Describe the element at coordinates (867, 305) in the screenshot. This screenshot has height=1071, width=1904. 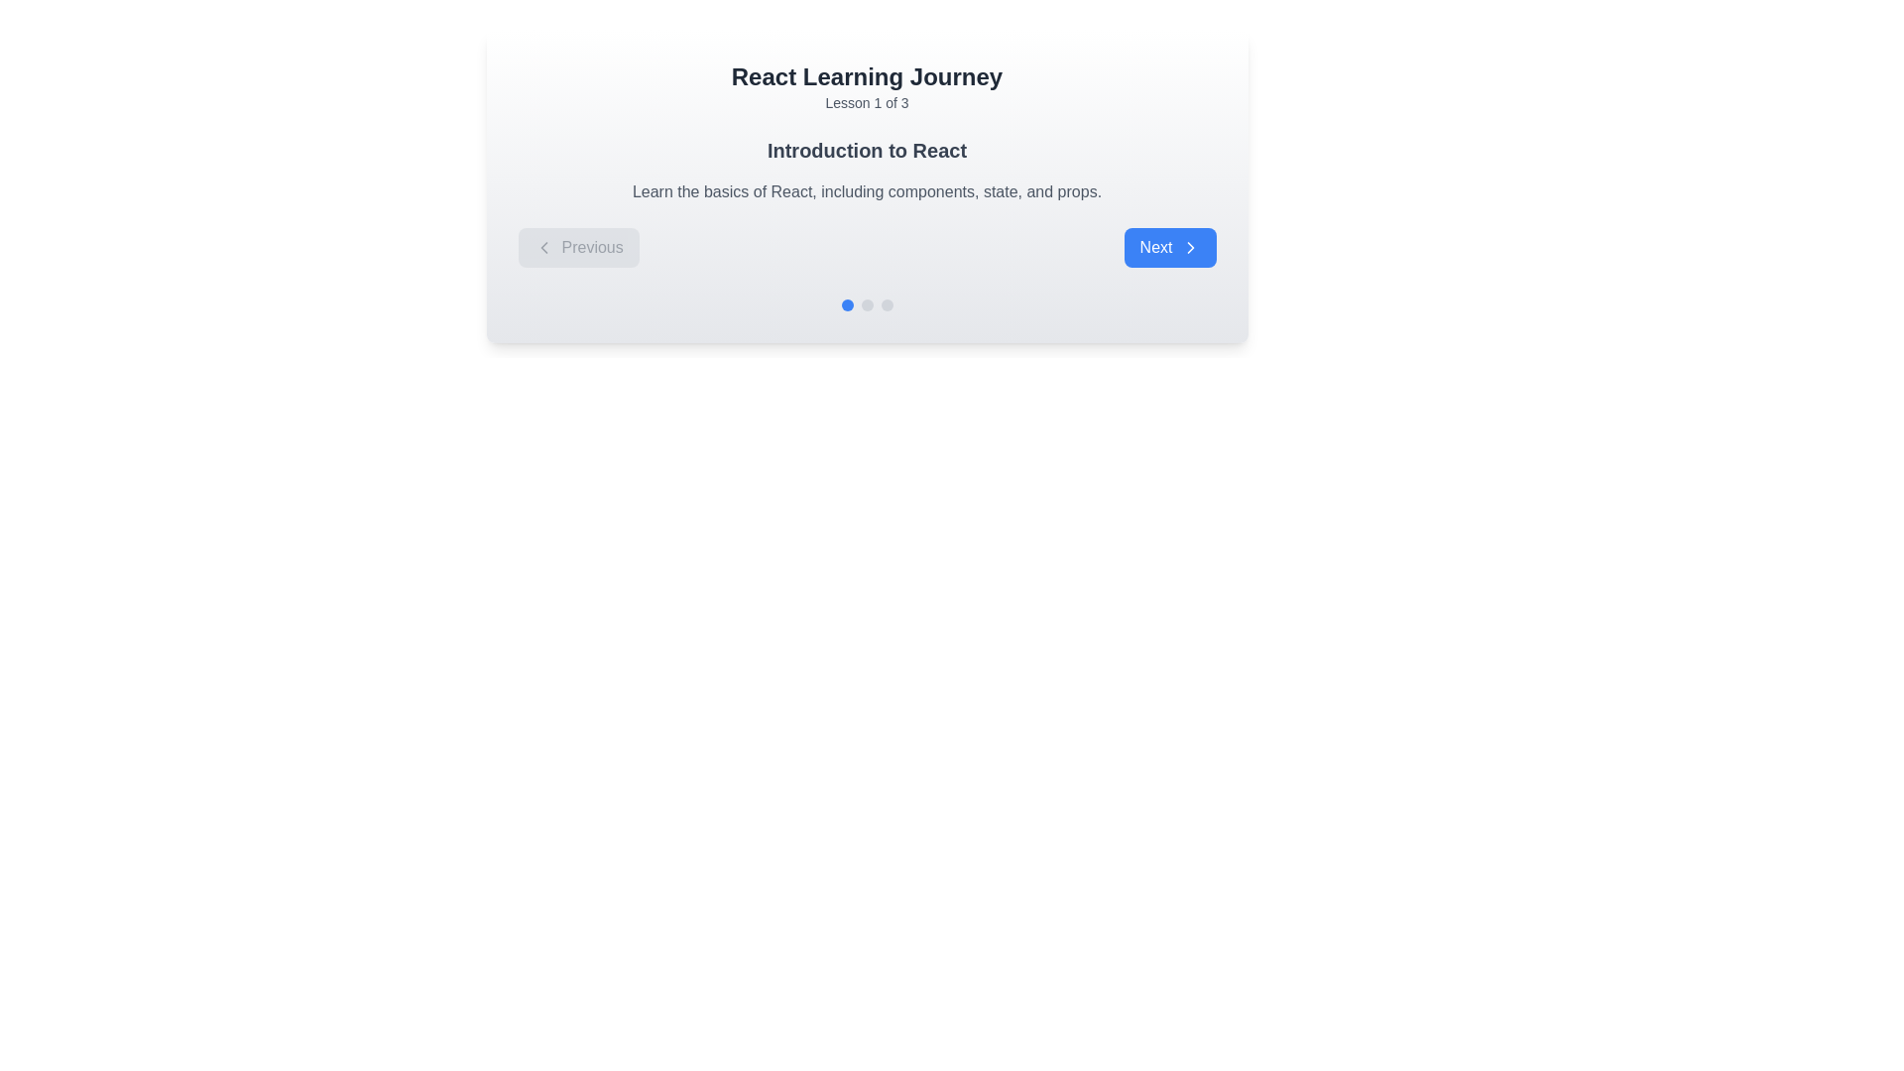
I see `the second circular progress indicator, which is gray and part of a pagination or step indicator group, located between a blue indicator on the left and another gray indicator on the right` at that location.